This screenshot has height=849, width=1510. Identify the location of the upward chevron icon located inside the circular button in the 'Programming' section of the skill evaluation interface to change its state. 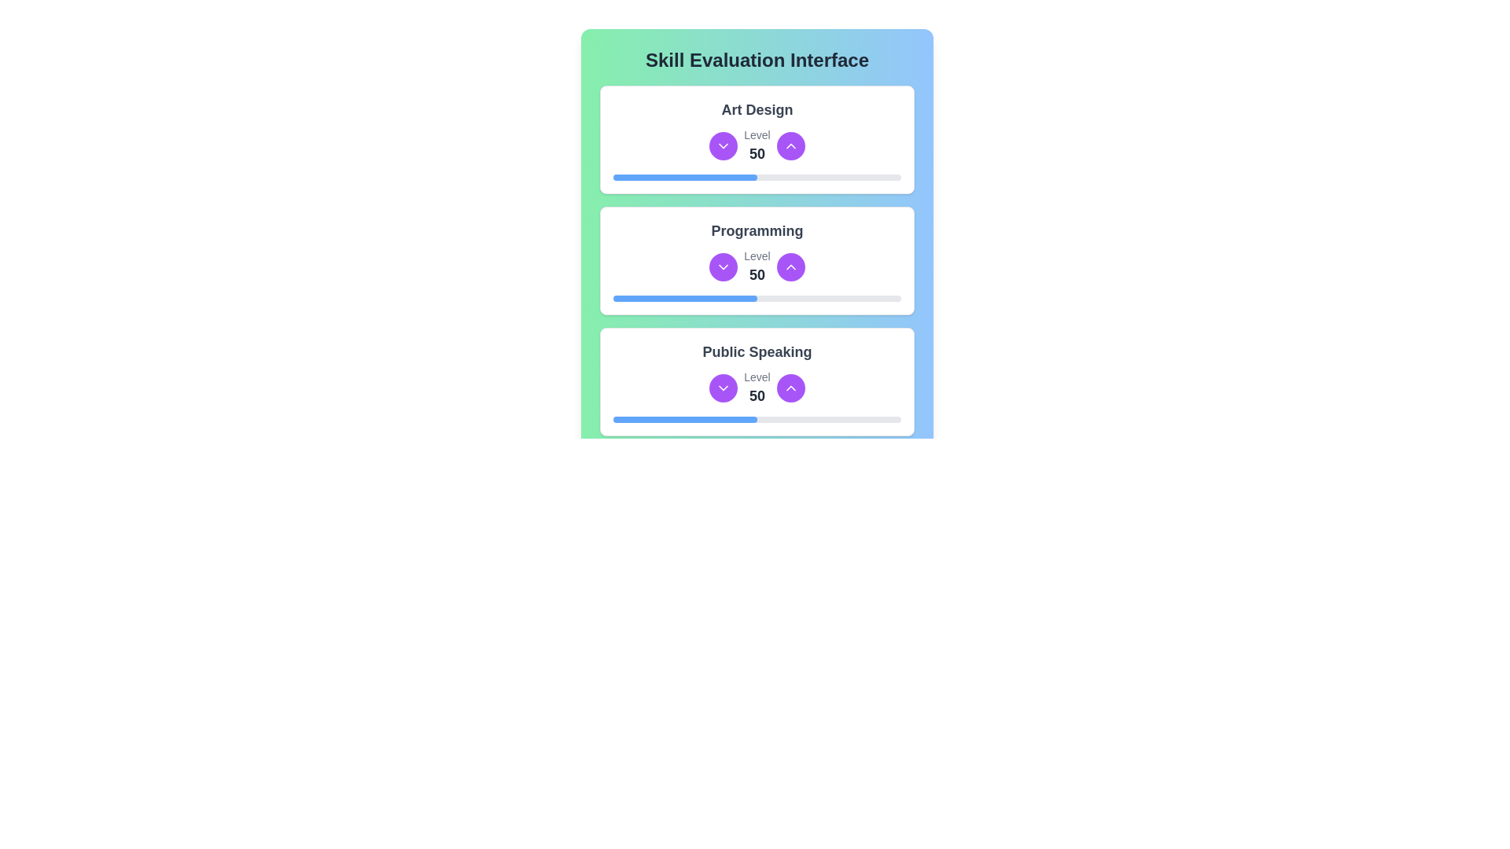
(790, 266).